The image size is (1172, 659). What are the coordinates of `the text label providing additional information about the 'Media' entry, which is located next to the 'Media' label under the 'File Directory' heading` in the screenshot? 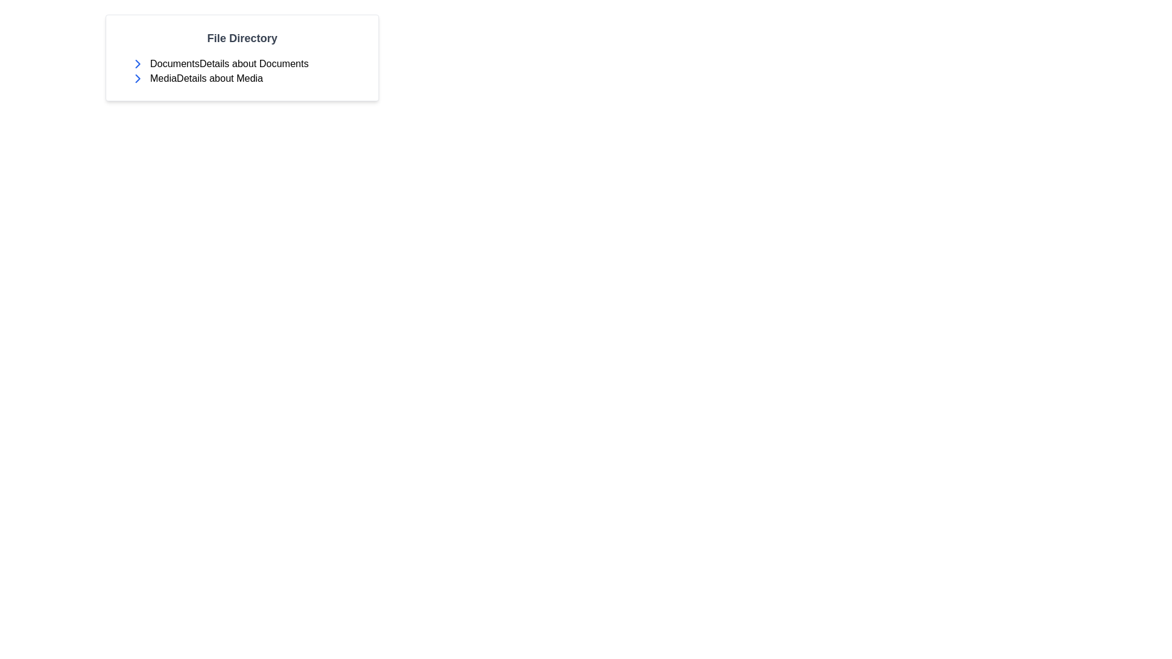 It's located at (220, 78).